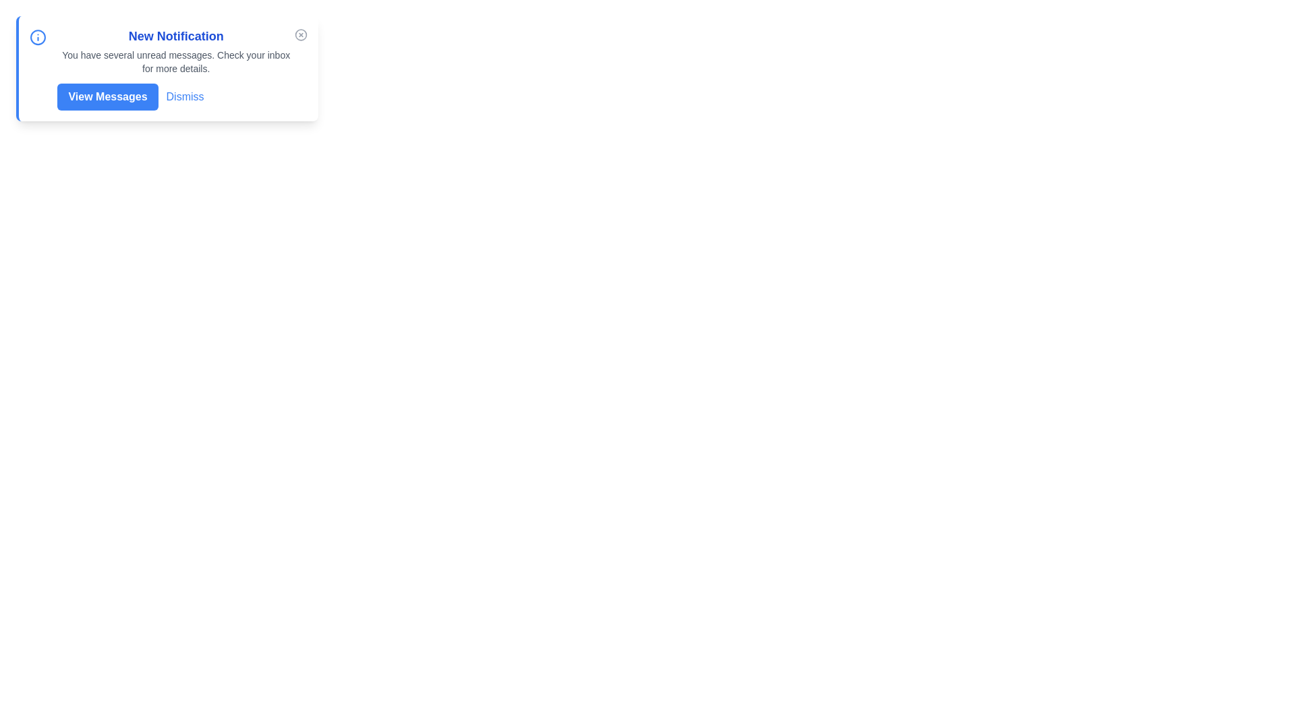  Describe the element at coordinates (175, 62) in the screenshot. I see `the text element displaying the message 'You have several unread messages. Check your inbox for more details.', which is located below the 'New Notification' title in the notification card` at that location.